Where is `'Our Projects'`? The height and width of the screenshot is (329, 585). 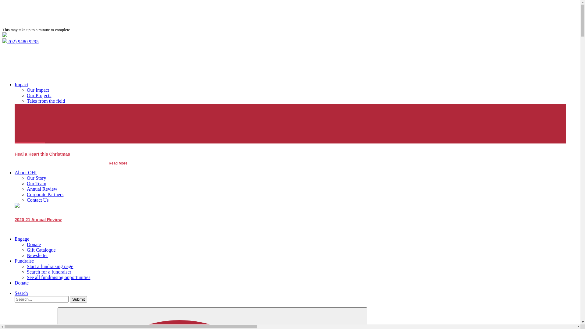
'Our Projects' is located at coordinates (26, 95).